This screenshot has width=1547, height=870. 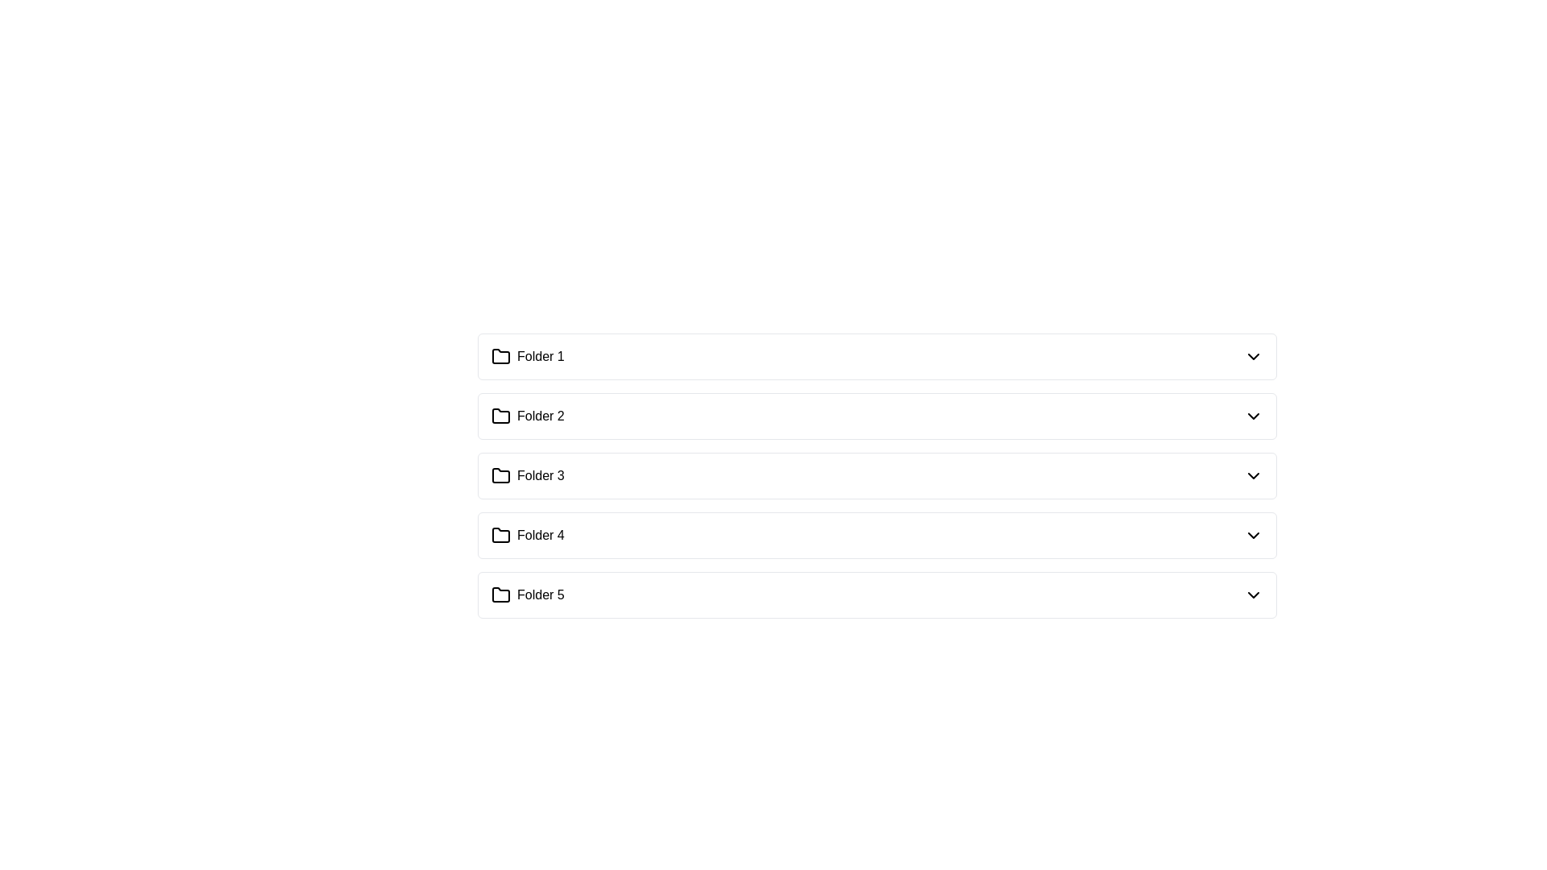 I want to click on the fourth folder item in the list, so click(x=877, y=535).